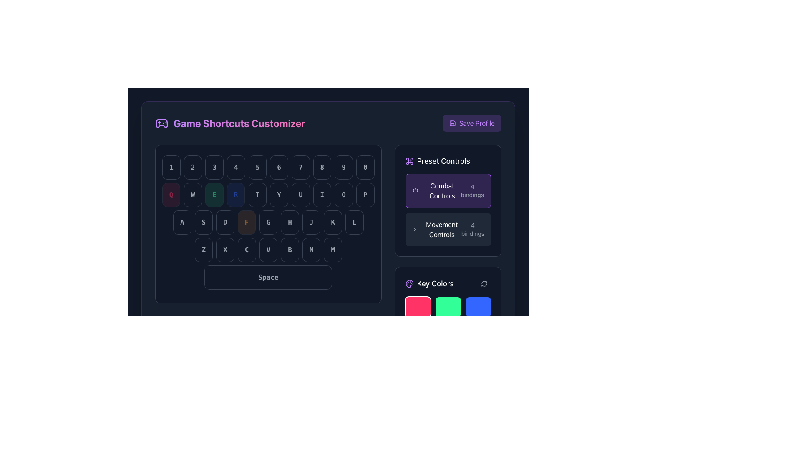 The image size is (801, 450). I want to click on the button displaying the number '8', which is part of a horizontally aligned group of digit buttons, characterized by its rounded rectangle shape, dark background, and light-colored bold font, so click(322, 167).